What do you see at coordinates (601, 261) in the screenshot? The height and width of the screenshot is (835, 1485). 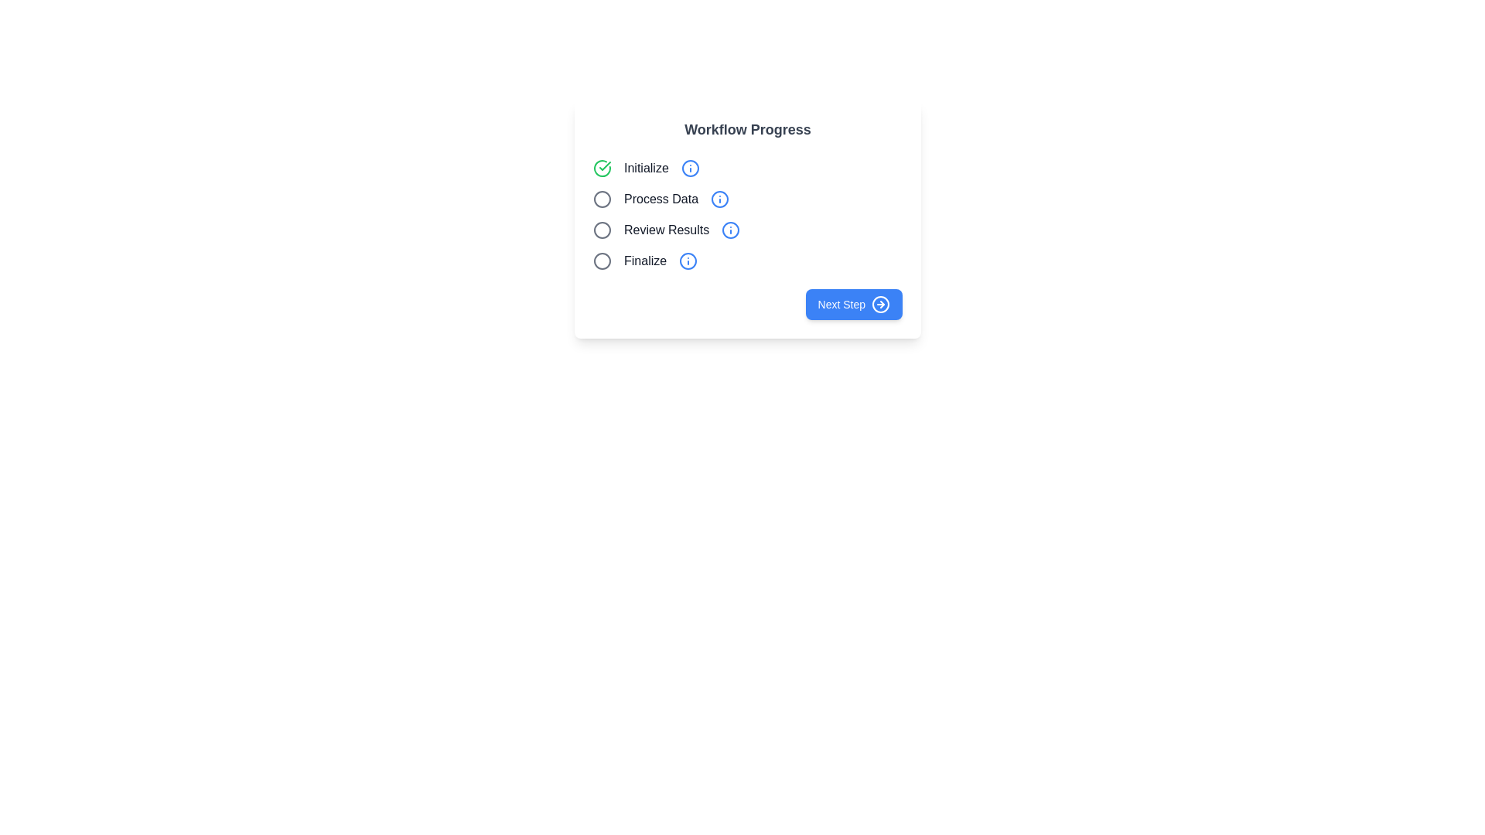 I see `the unselected radio button for the 'Finalize' option, which is located in the lower section of a list of options, directly to the left of the text 'Finalize'` at bounding box center [601, 261].